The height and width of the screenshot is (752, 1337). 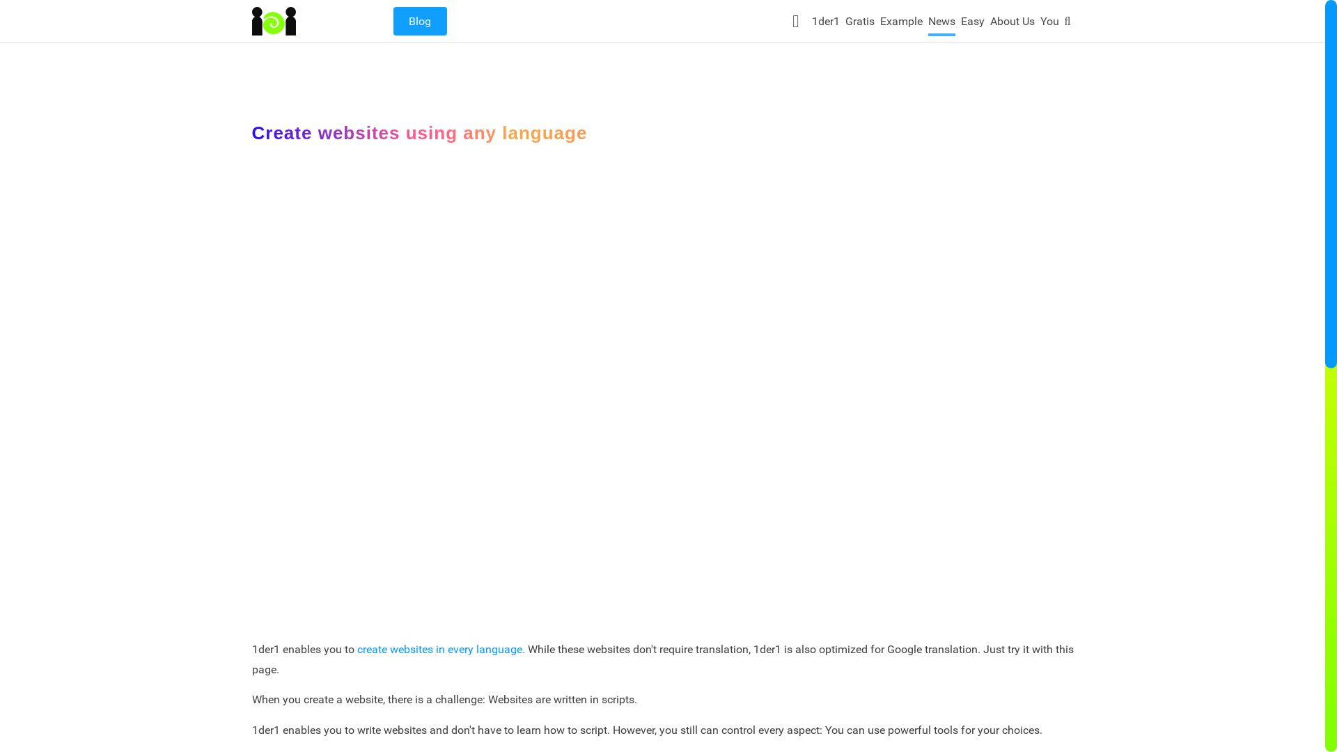 I want to click on 'Blog', so click(x=419, y=21).